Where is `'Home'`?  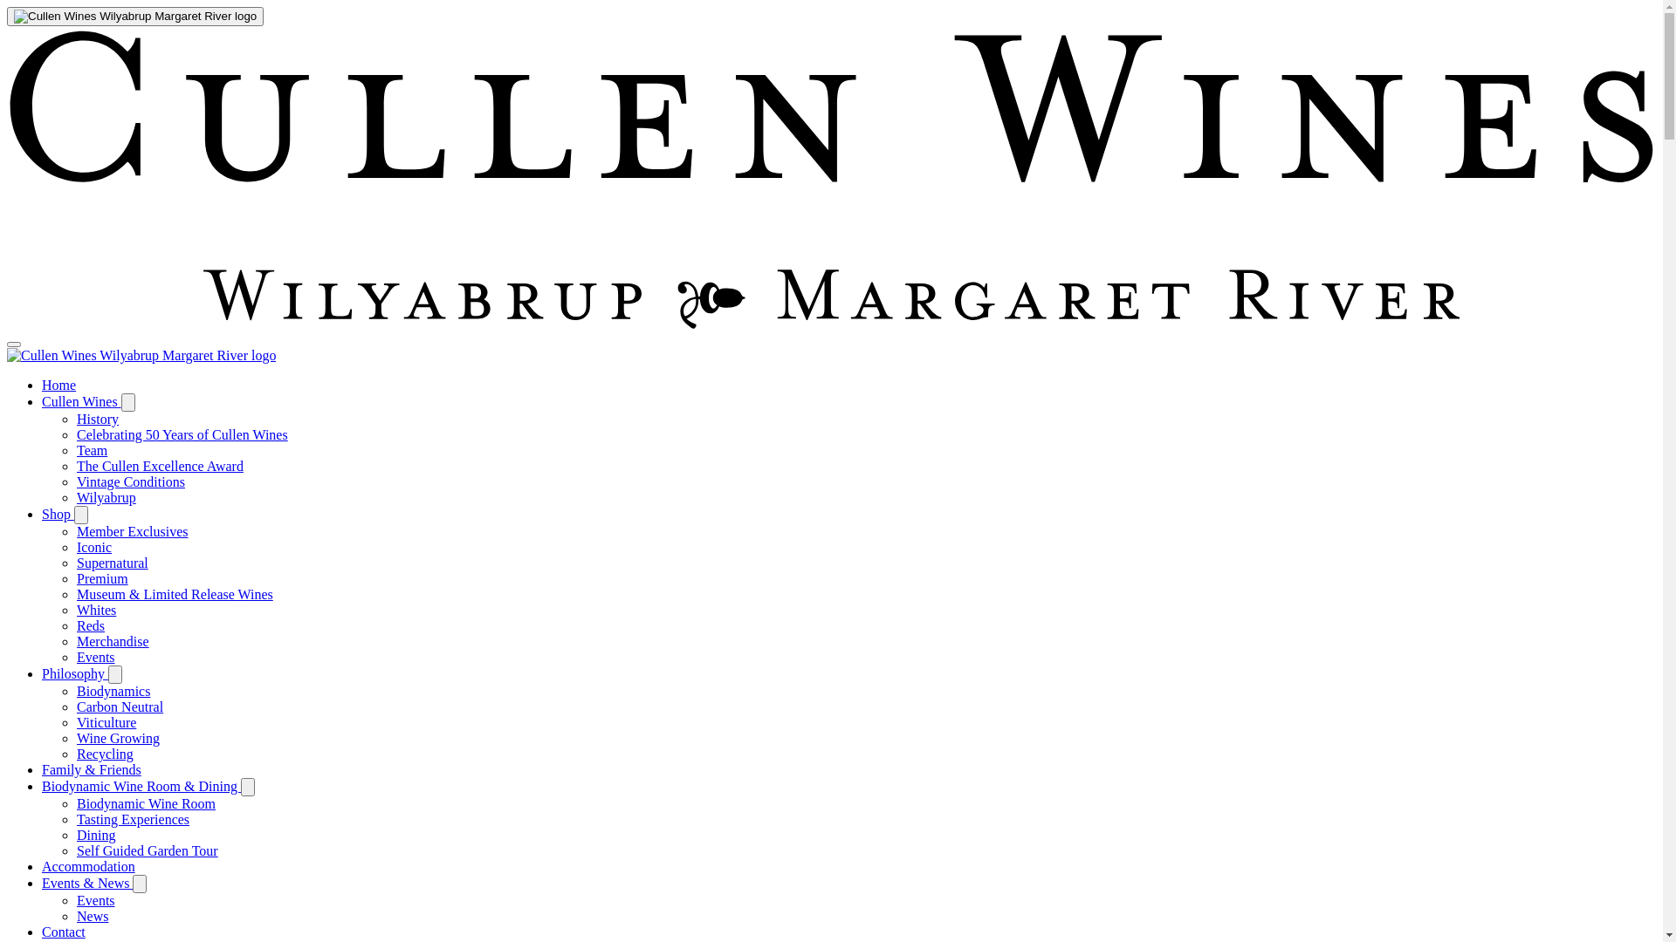
'Home' is located at coordinates (58, 384).